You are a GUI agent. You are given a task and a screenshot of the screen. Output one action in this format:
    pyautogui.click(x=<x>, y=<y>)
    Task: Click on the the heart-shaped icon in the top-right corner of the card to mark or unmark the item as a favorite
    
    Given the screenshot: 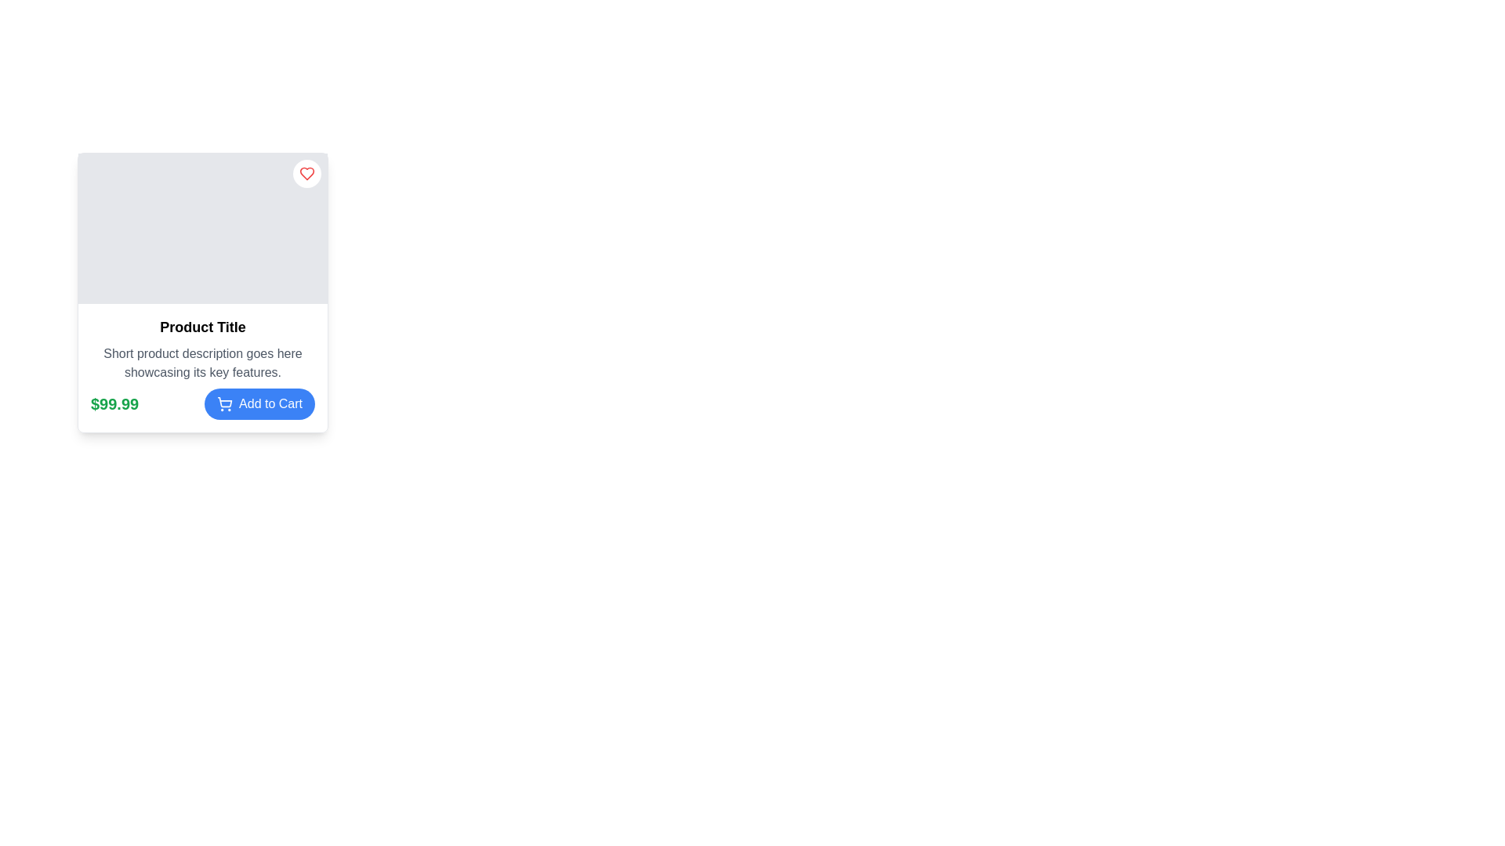 What is the action you would take?
    pyautogui.click(x=307, y=174)
    